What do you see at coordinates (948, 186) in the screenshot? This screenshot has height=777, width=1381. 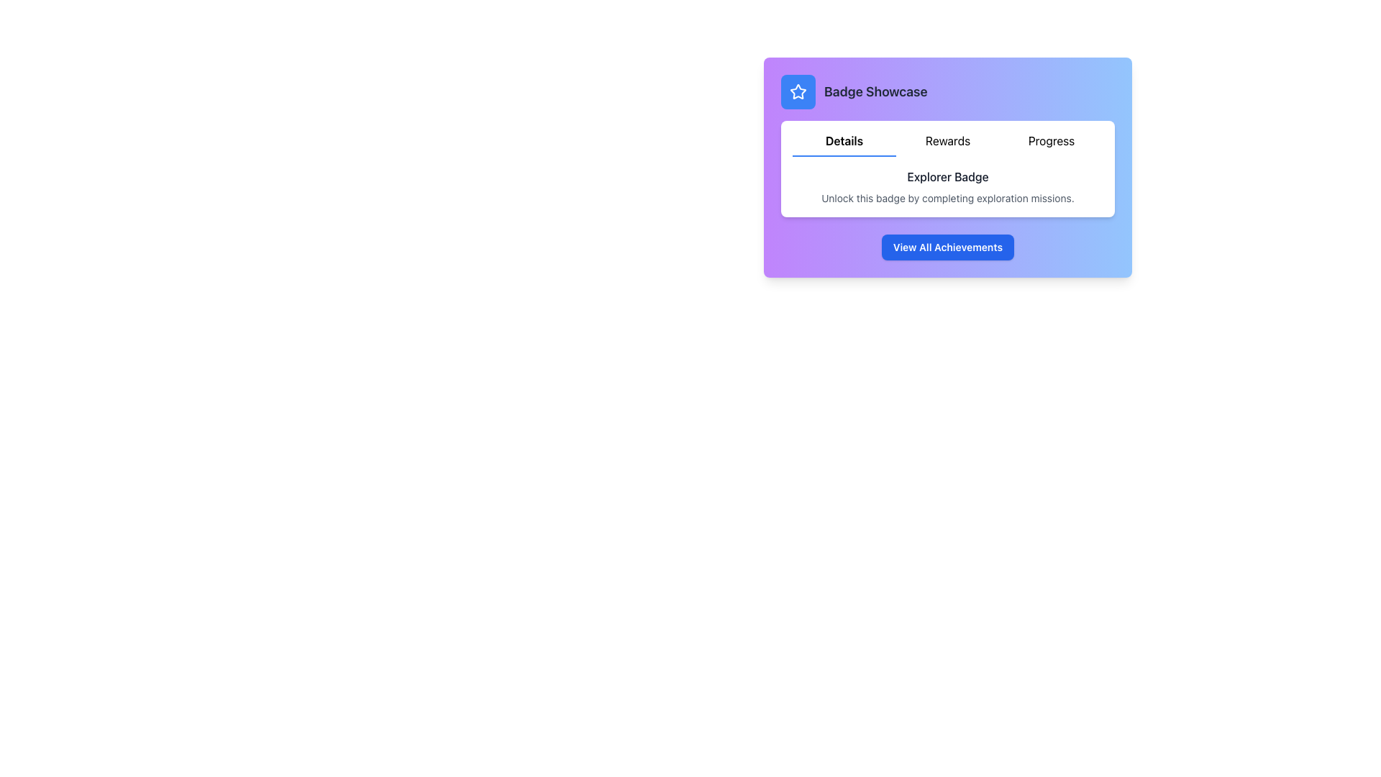 I see `the Text-based informational block that describes the 'Explorer Badge' located beneath the 'Details' tab` at bounding box center [948, 186].